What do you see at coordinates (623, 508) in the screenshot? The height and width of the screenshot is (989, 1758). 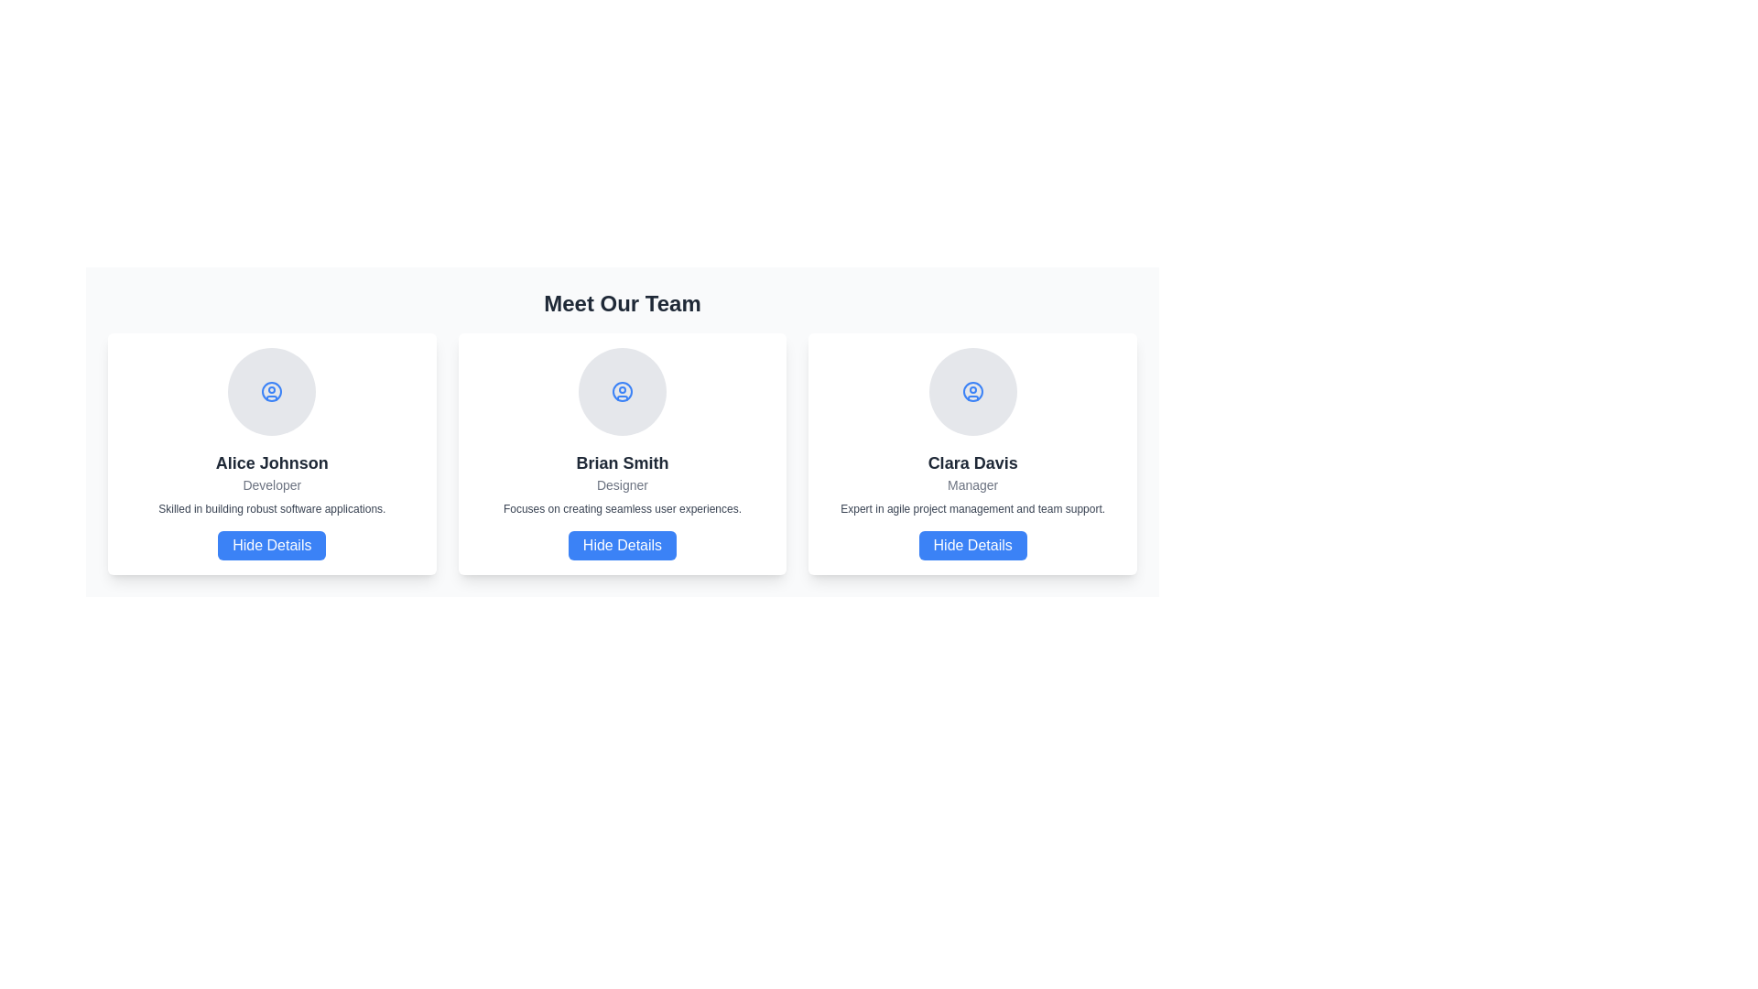 I see `the Text Label that describes the individual's role or expertise, located between the 'Designer' text and the 'Hide Details' button in the middle column of a card-style layout` at bounding box center [623, 508].